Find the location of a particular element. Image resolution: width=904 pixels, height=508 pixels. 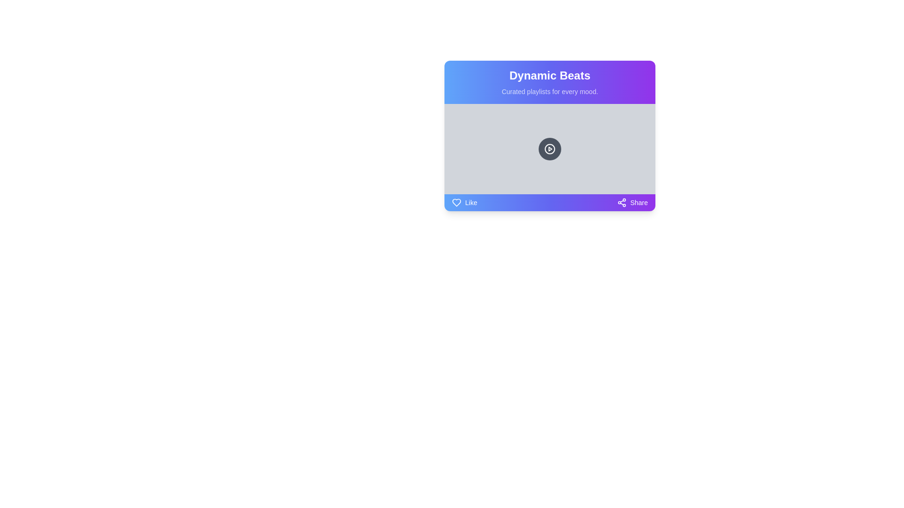

the 'Like' button is located at coordinates (464, 202).